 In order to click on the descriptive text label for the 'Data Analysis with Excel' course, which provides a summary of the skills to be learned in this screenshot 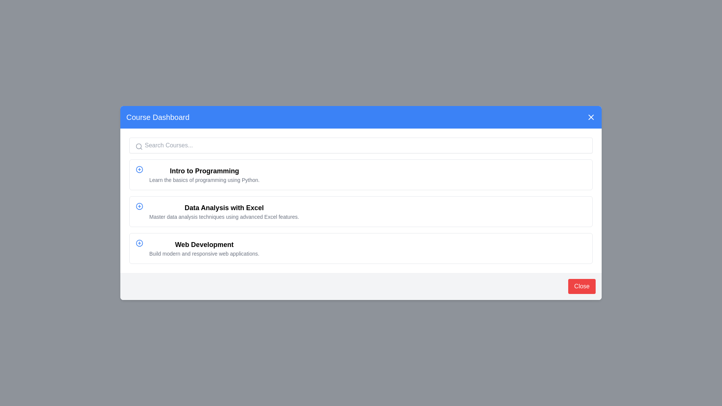, I will do `click(224, 217)`.